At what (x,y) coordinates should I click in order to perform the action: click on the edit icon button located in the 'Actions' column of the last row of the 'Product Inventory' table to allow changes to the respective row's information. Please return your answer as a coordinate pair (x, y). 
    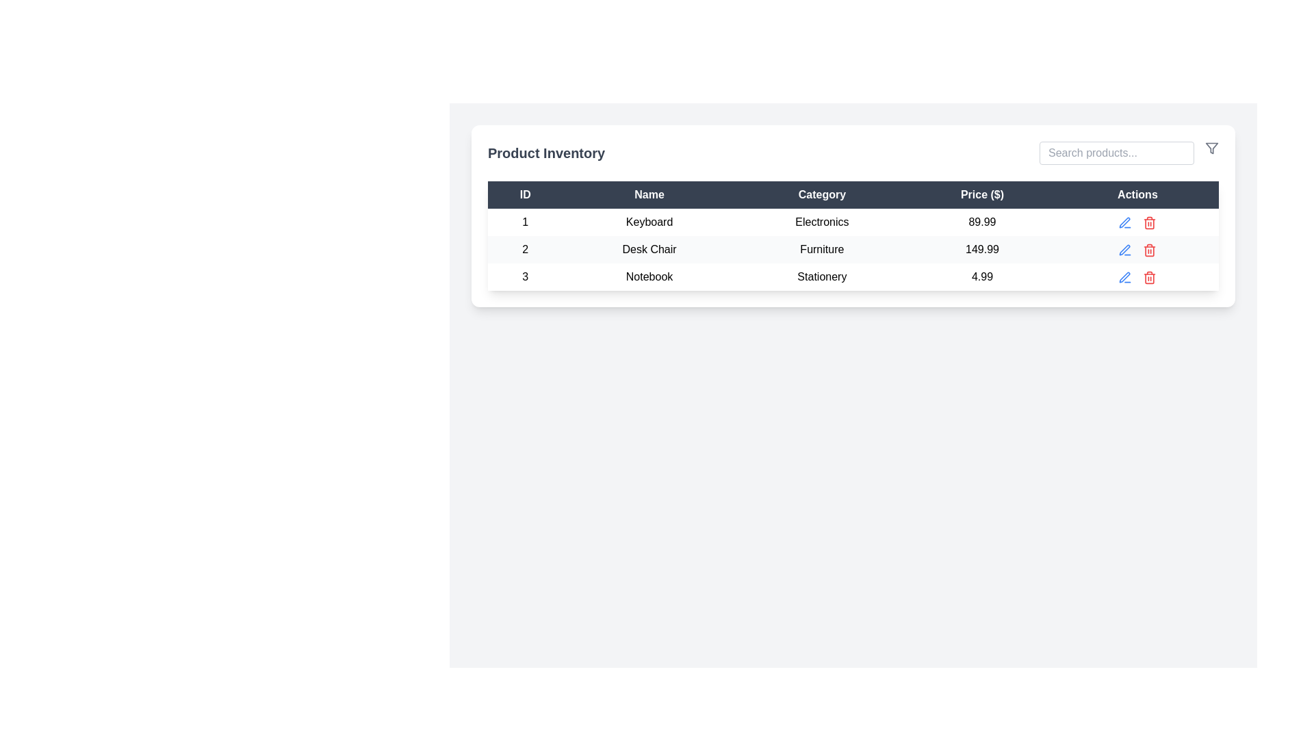
    Looking at the image, I should click on (1125, 277).